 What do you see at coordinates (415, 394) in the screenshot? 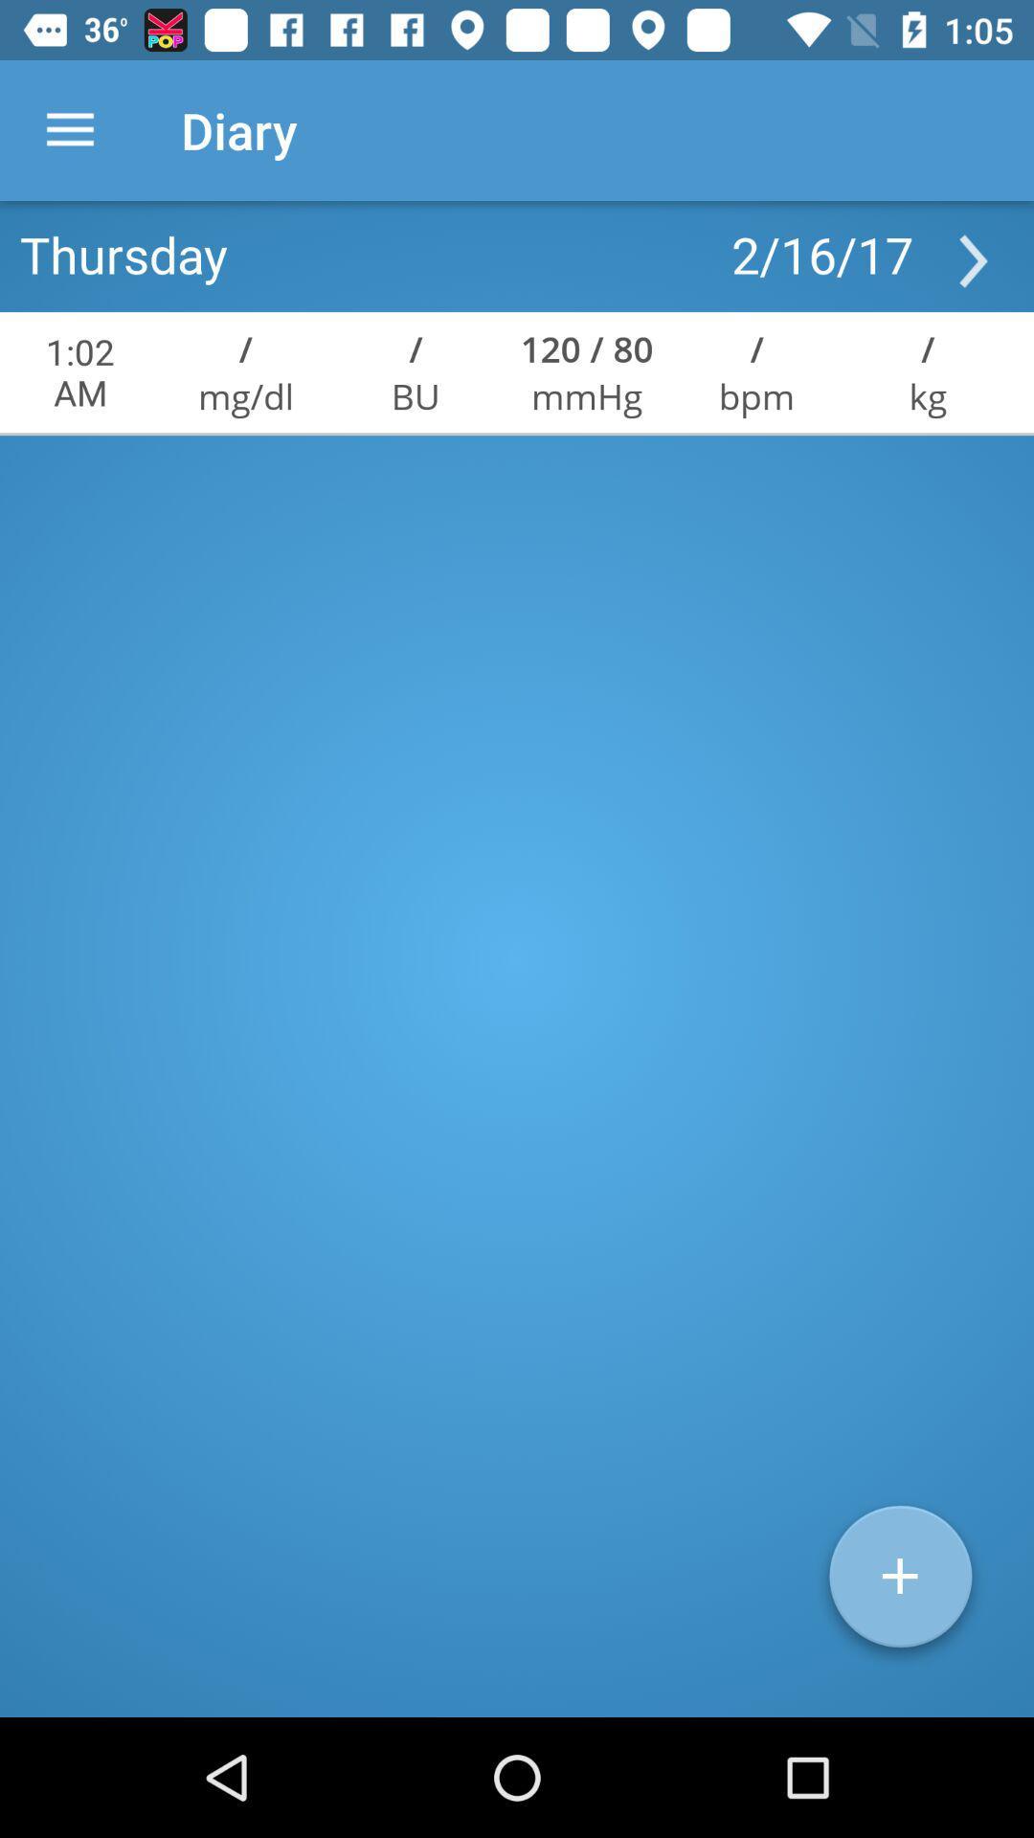
I see `the item next to mg/dl item` at bounding box center [415, 394].